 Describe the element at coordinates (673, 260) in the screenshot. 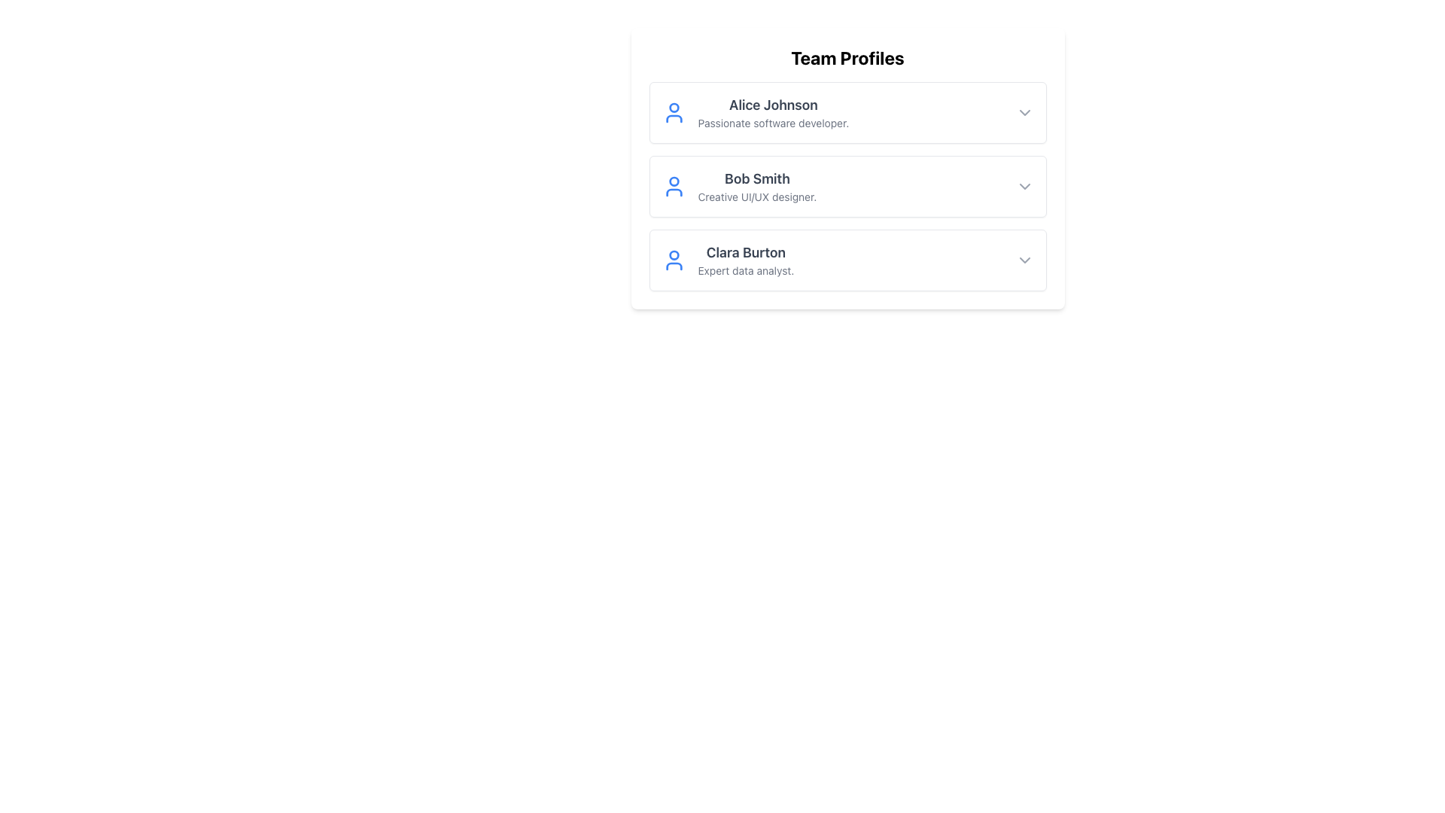

I see `the user profile icon, which is a simple outline with a circular head and torso, displayed in blue and located to the left of Clara Burton's name` at that location.